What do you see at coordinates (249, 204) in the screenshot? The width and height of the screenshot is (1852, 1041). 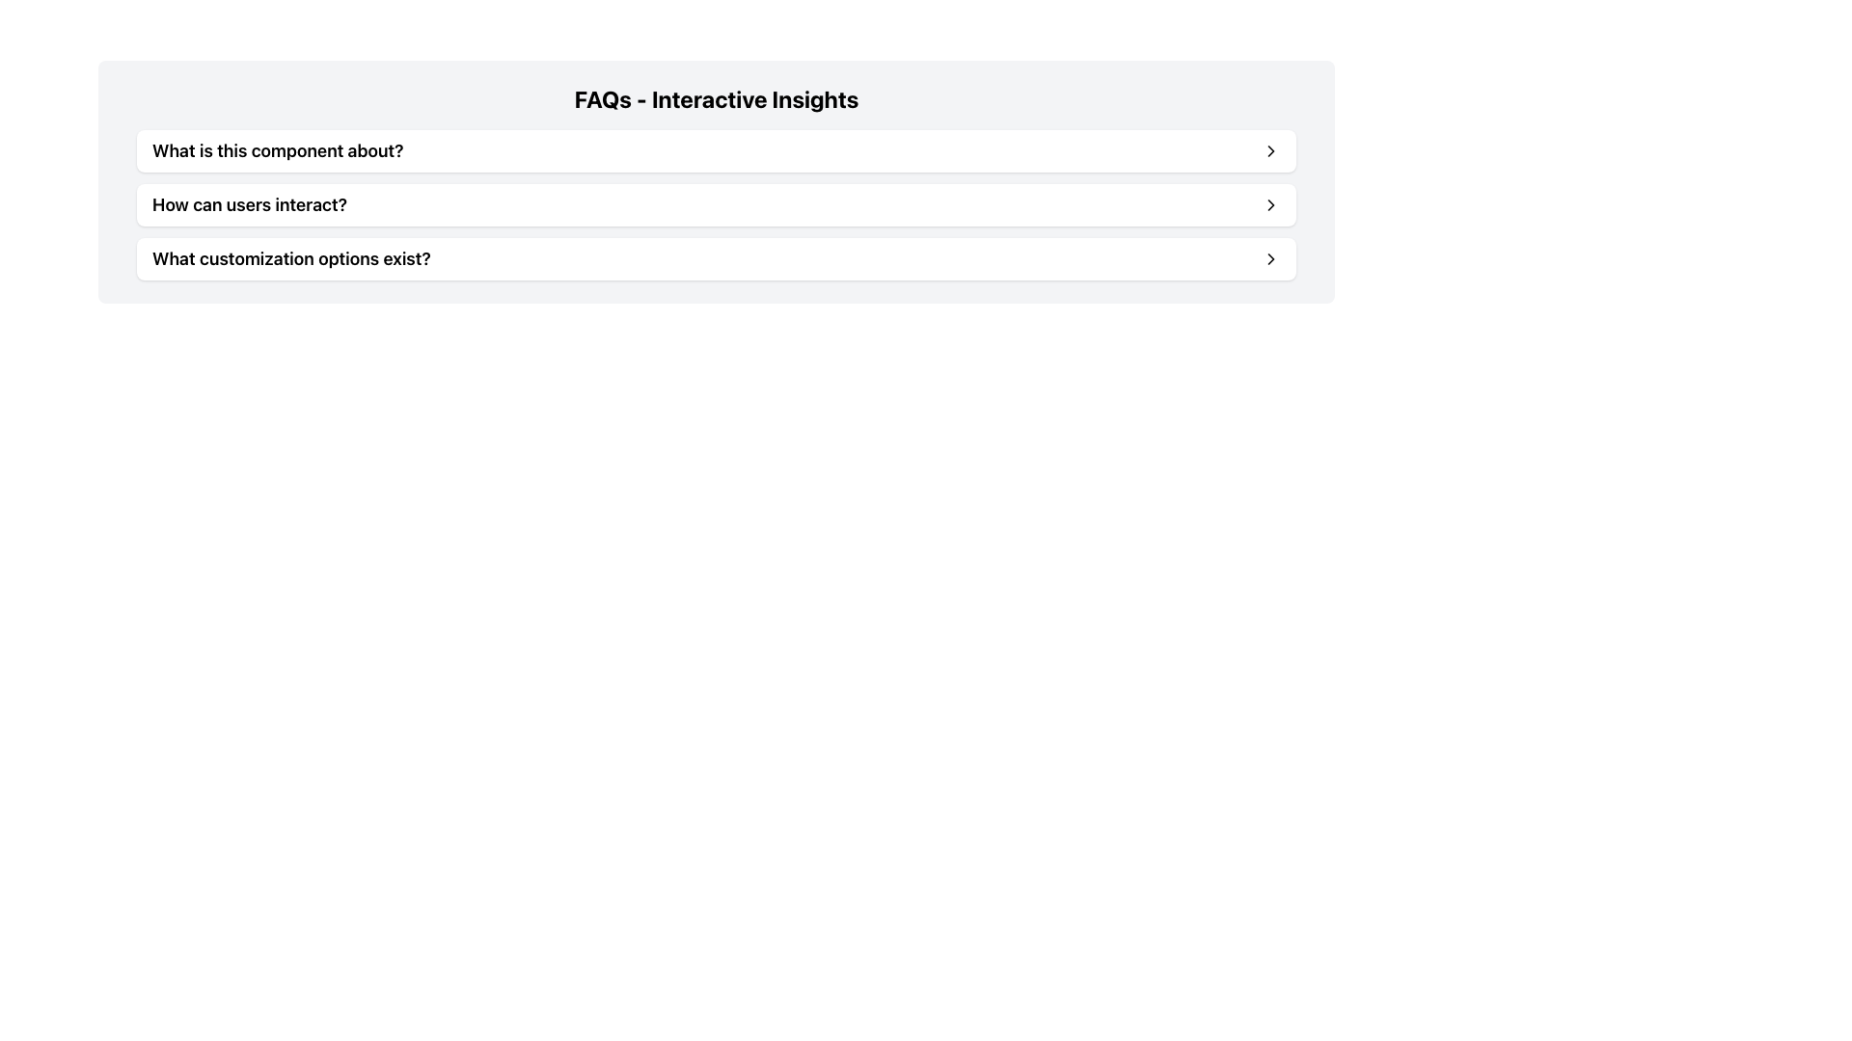 I see `the text component displaying 'How can users interact?' which is styled in bold and slightly larger font, located in the middle row of the FAQ items list` at bounding box center [249, 204].